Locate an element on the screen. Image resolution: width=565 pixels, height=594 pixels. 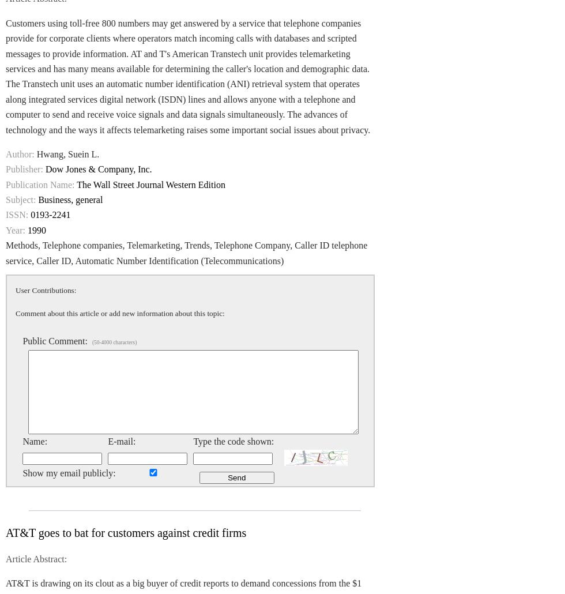
'Business, general' is located at coordinates (70, 200).